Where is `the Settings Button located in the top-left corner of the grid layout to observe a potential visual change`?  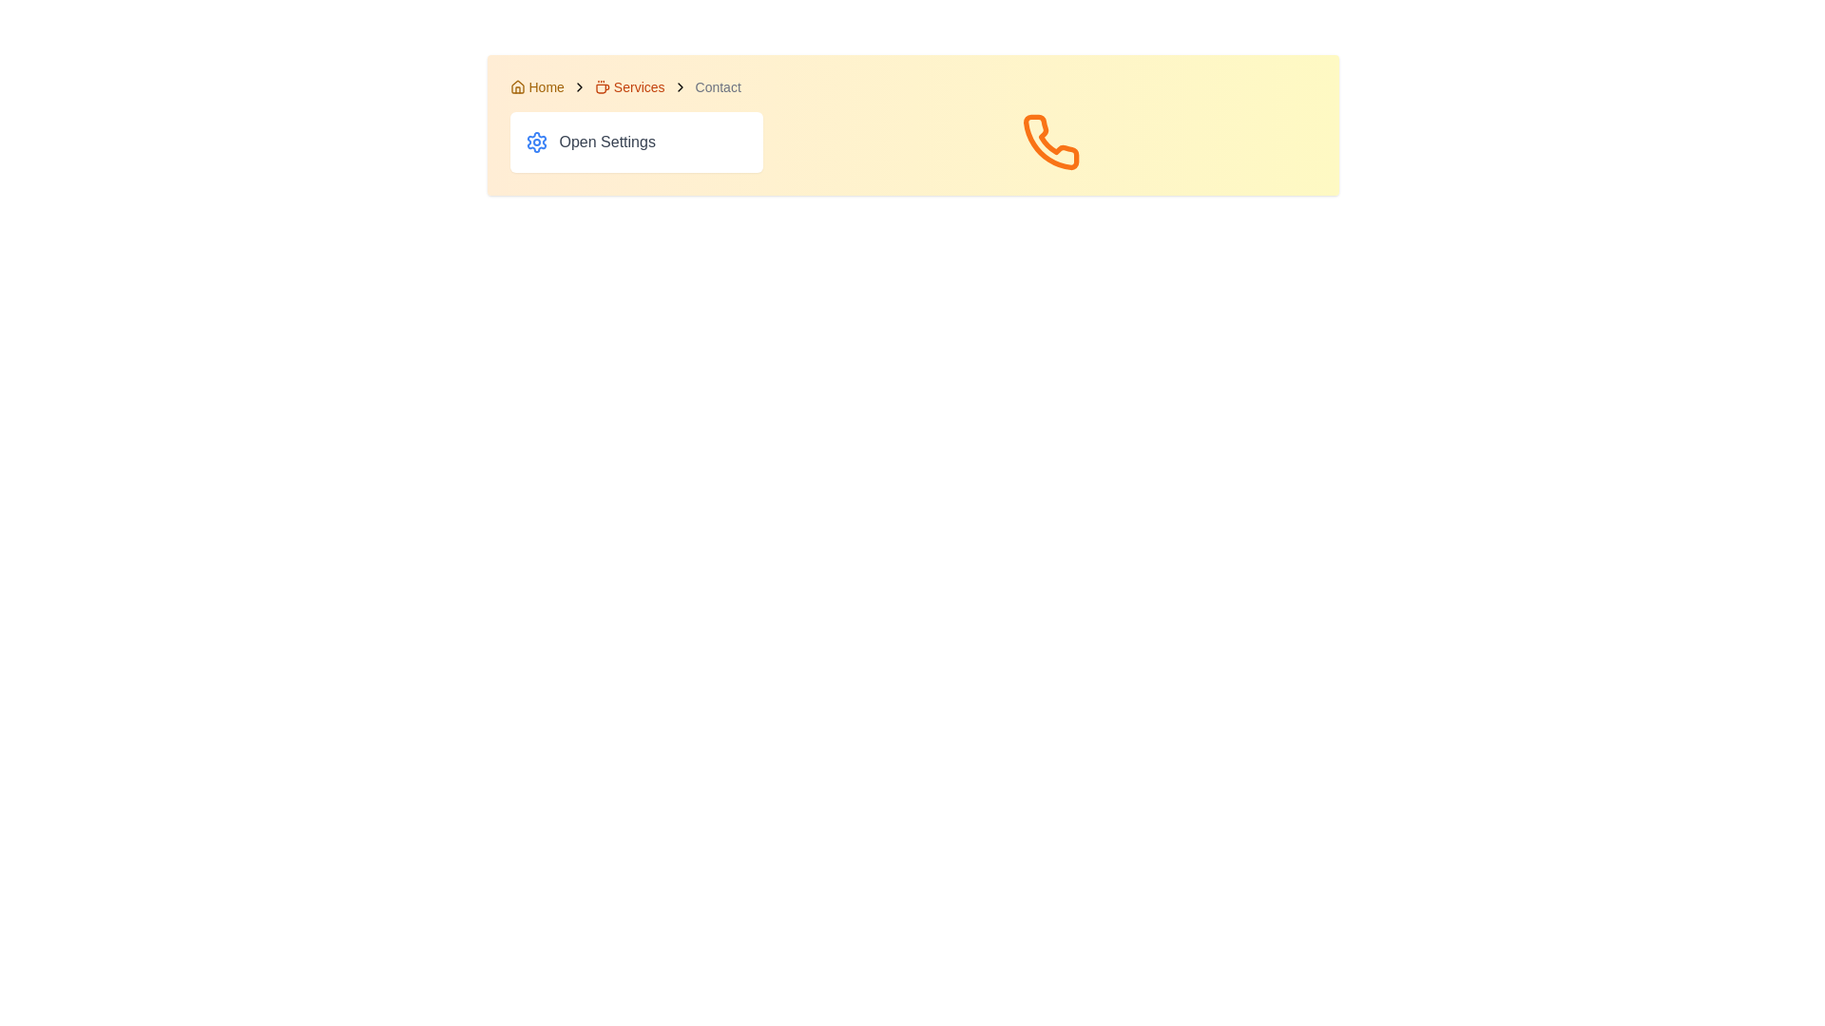
the Settings Button located in the top-left corner of the grid layout to observe a potential visual change is located at coordinates (636, 142).